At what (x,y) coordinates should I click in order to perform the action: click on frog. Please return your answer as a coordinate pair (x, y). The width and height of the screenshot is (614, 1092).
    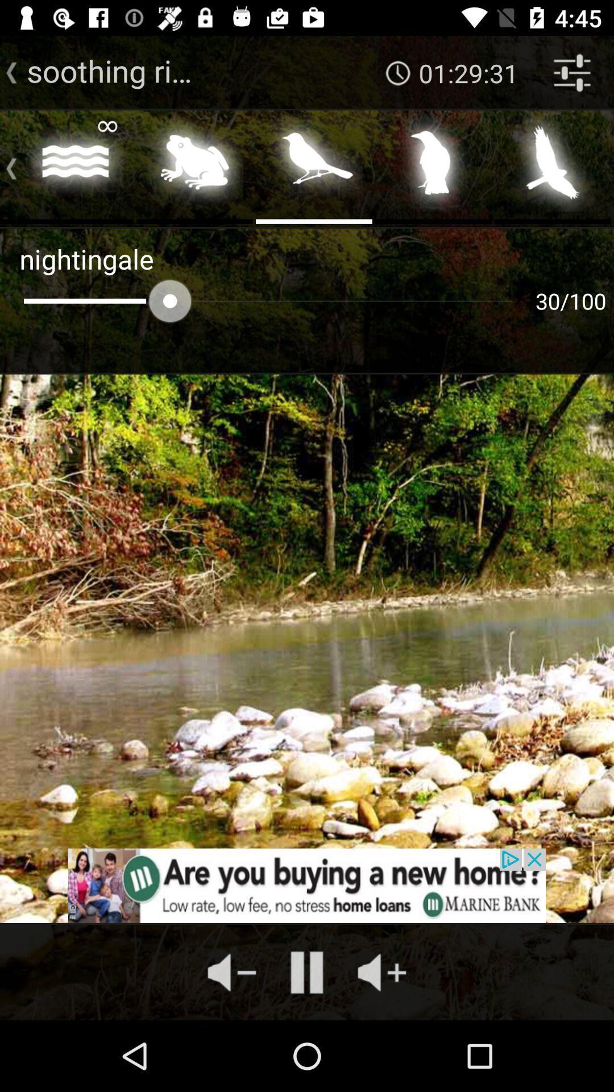
    Looking at the image, I should click on (194, 166).